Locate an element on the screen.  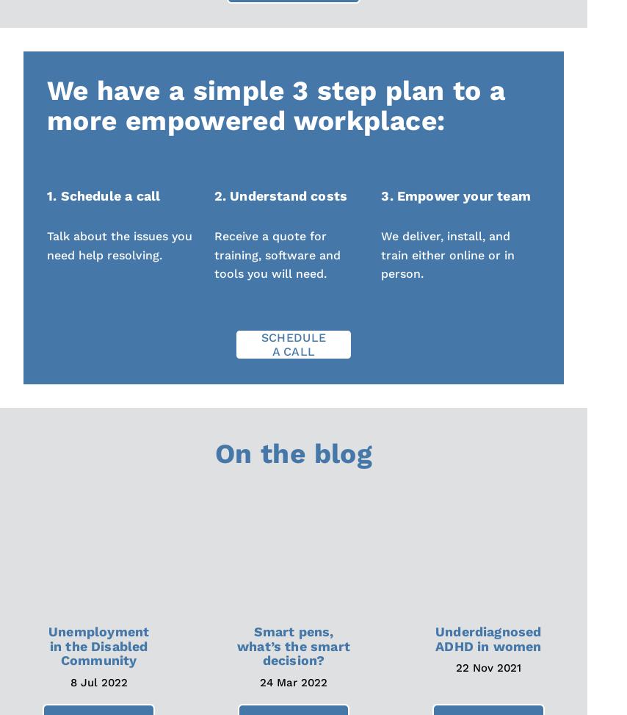
'22 Nov 2021' is located at coordinates (454, 667).